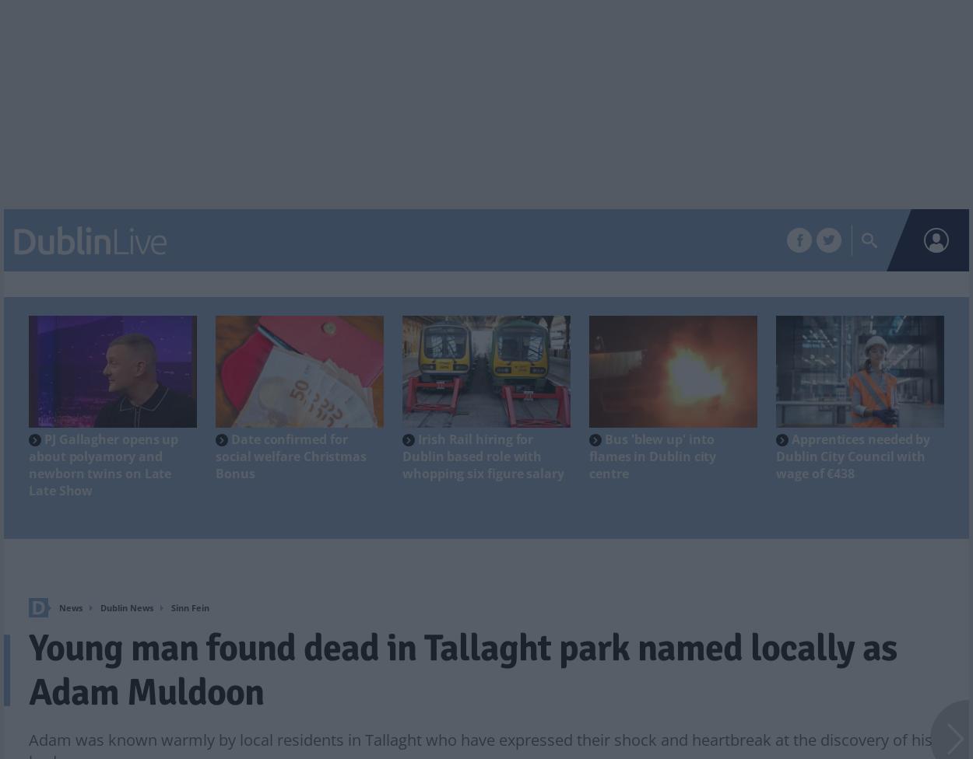 This screenshot has height=759, width=973. Describe the element at coordinates (383, 241) in the screenshot. I see `'Property'` at that location.